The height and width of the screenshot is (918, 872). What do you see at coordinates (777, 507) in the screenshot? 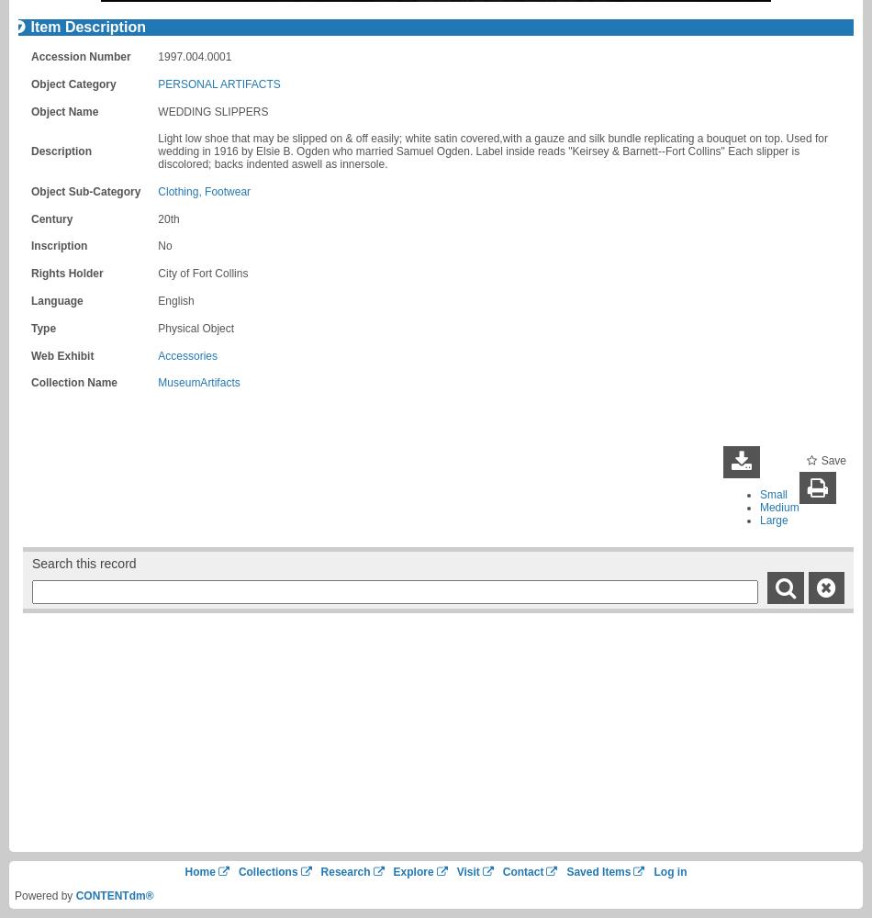
I see `'Medium'` at bounding box center [777, 507].